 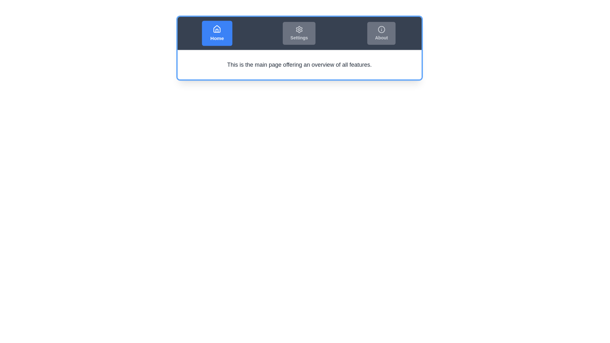 What do you see at coordinates (299, 33) in the screenshot?
I see `the Settings tab by clicking the corresponding button` at bounding box center [299, 33].